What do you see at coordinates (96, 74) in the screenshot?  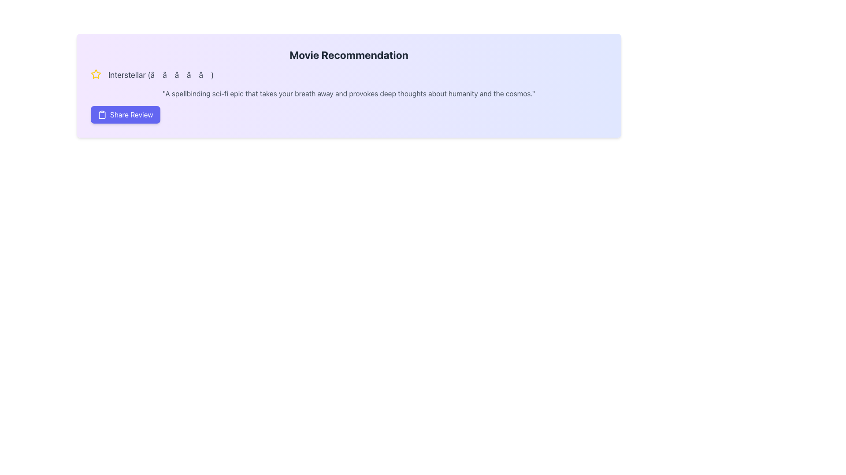 I see `the star-shaped icon with a yellow outline and filled white center, which is the first of five stars before the text 'Interstellar'` at bounding box center [96, 74].